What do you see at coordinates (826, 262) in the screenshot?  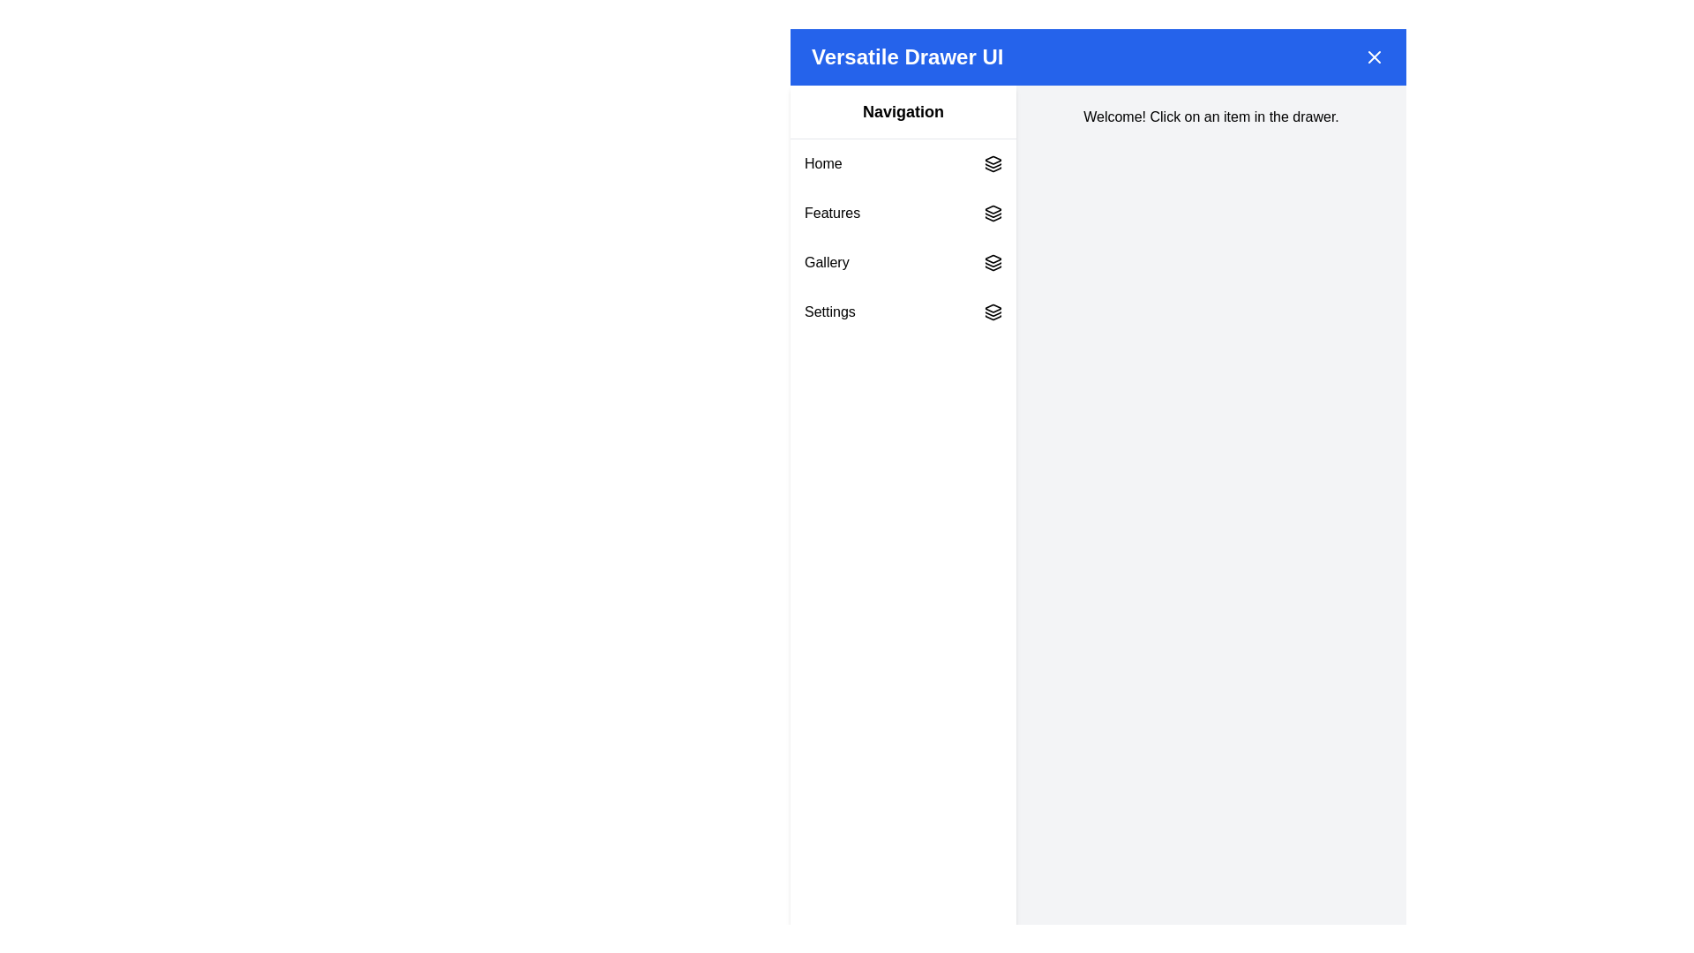 I see `the 'Gallery' text label in the vertical navigation menu` at bounding box center [826, 262].